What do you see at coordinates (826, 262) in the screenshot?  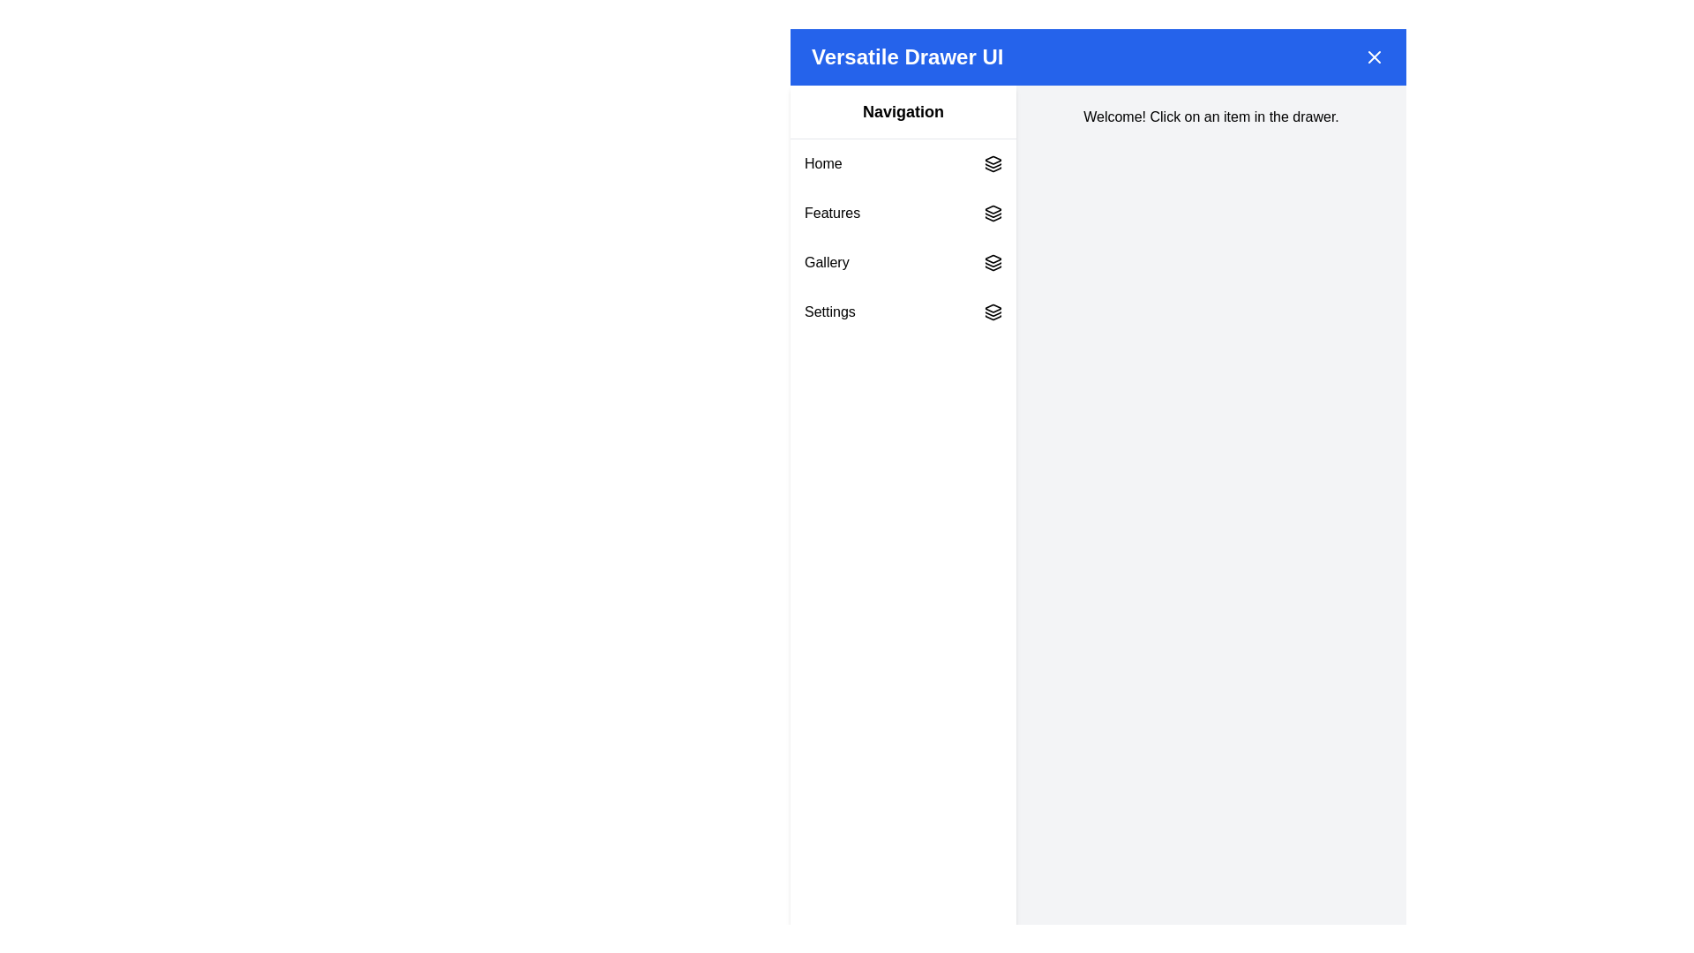 I see `the 'Gallery' text label in the vertical navigation menu` at bounding box center [826, 262].